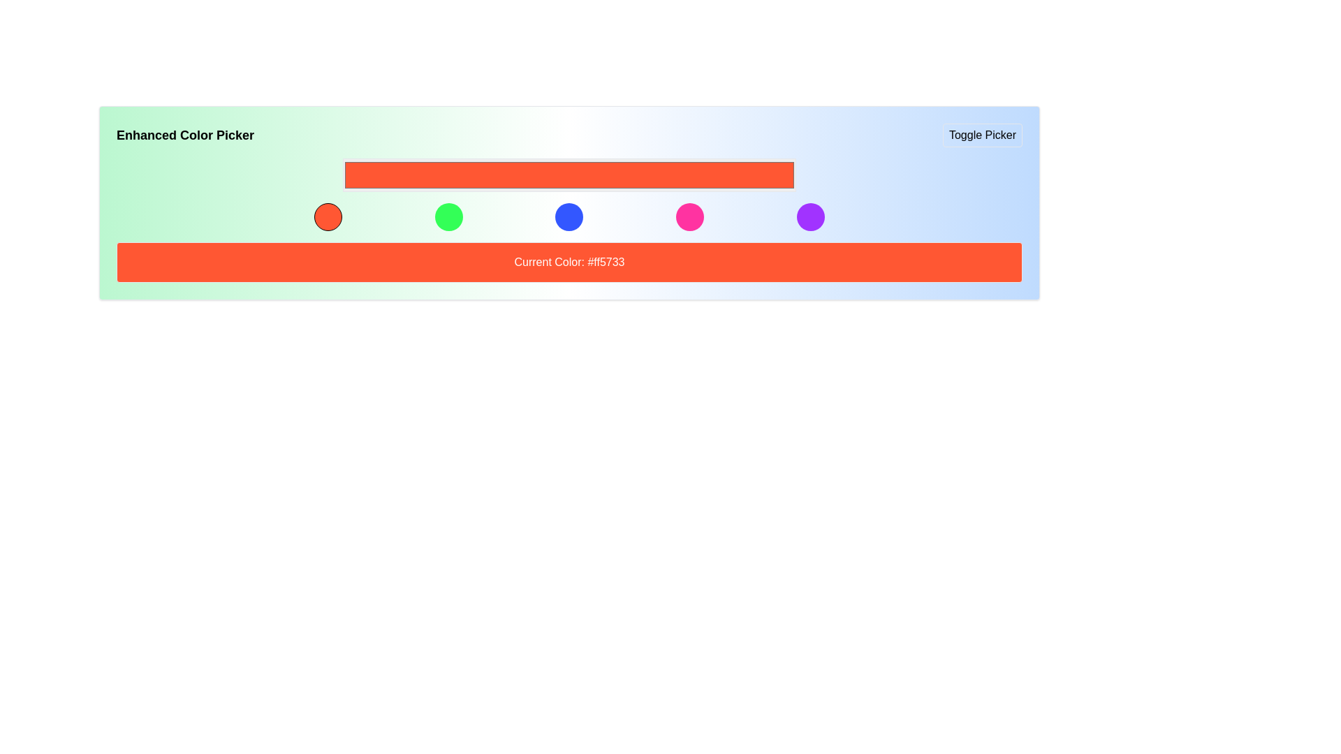 Image resolution: width=1341 pixels, height=754 pixels. What do you see at coordinates (184, 135) in the screenshot?
I see `the text label titled 'Enhanced Color Picker', which serves as a header for the interface` at bounding box center [184, 135].